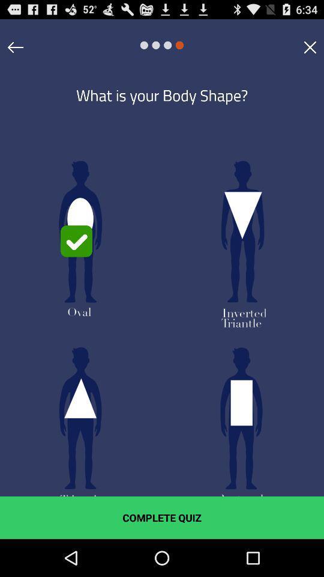  I want to click on the close icon, so click(310, 50).